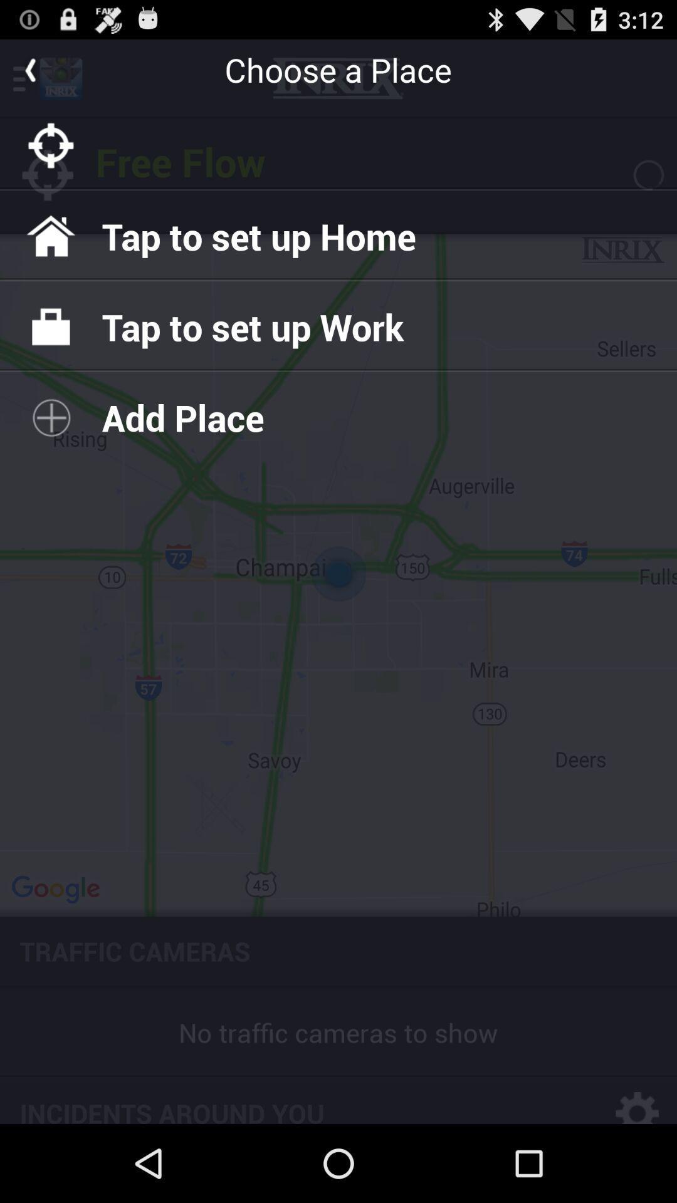  I want to click on the arrow_backward icon, so click(29, 74).